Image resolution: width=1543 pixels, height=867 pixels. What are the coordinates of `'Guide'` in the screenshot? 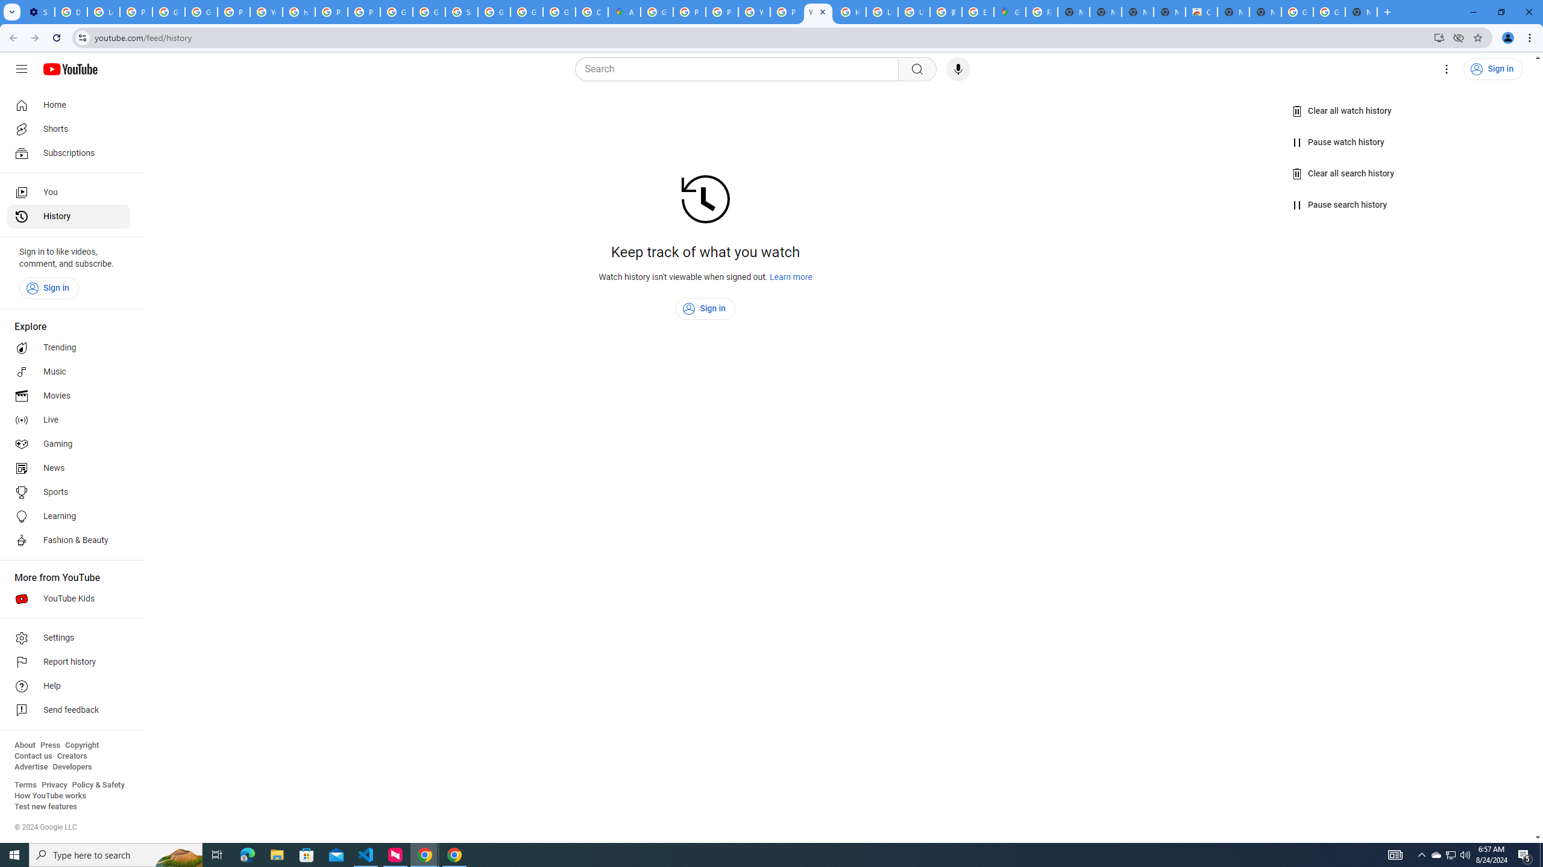 It's located at (20, 69).